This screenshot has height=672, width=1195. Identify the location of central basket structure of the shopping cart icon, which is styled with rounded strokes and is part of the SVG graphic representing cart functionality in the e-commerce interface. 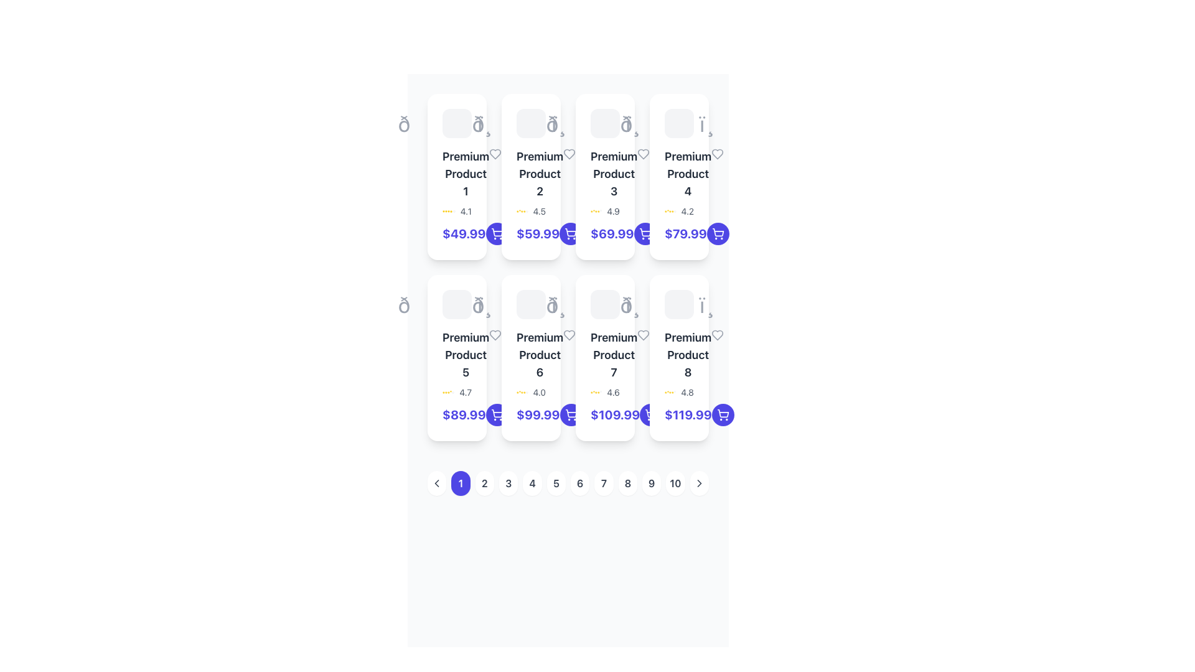
(650, 413).